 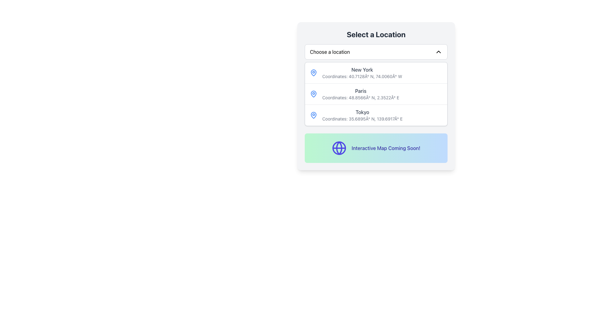 What do you see at coordinates (313, 72) in the screenshot?
I see `the visual location marker icon representing the 'New York' entry in the list` at bounding box center [313, 72].